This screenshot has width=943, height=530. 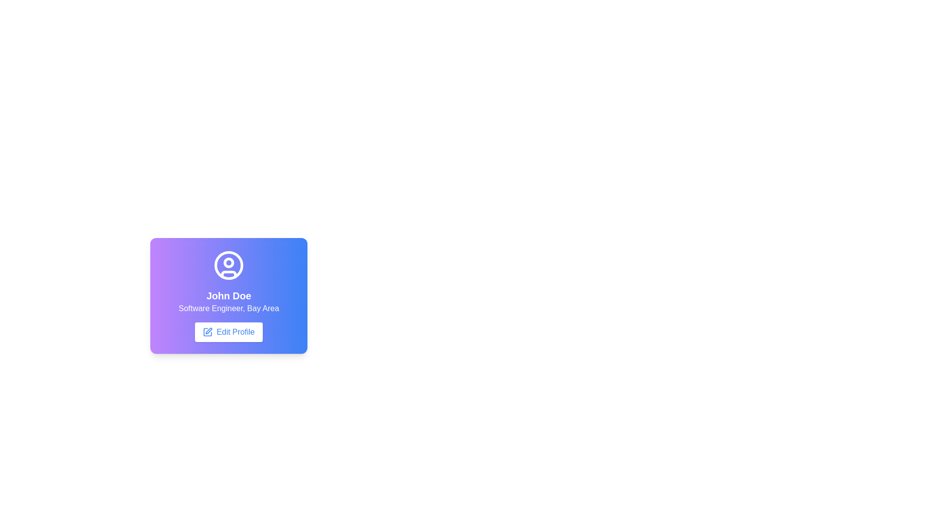 I want to click on the small circular graphic element located within the user profile icon, positioned slightly below the center of the larger circle, so click(x=228, y=262).